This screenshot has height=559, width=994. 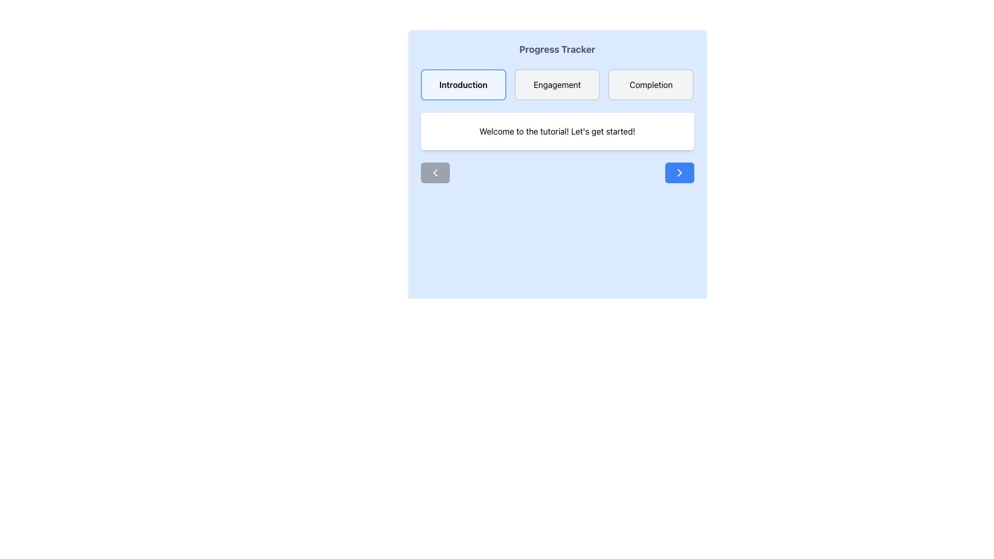 What do you see at coordinates (679, 172) in the screenshot?
I see `the chevron icon located at the bottom right corner of the blue-background interface panel` at bounding box center [679, 172].